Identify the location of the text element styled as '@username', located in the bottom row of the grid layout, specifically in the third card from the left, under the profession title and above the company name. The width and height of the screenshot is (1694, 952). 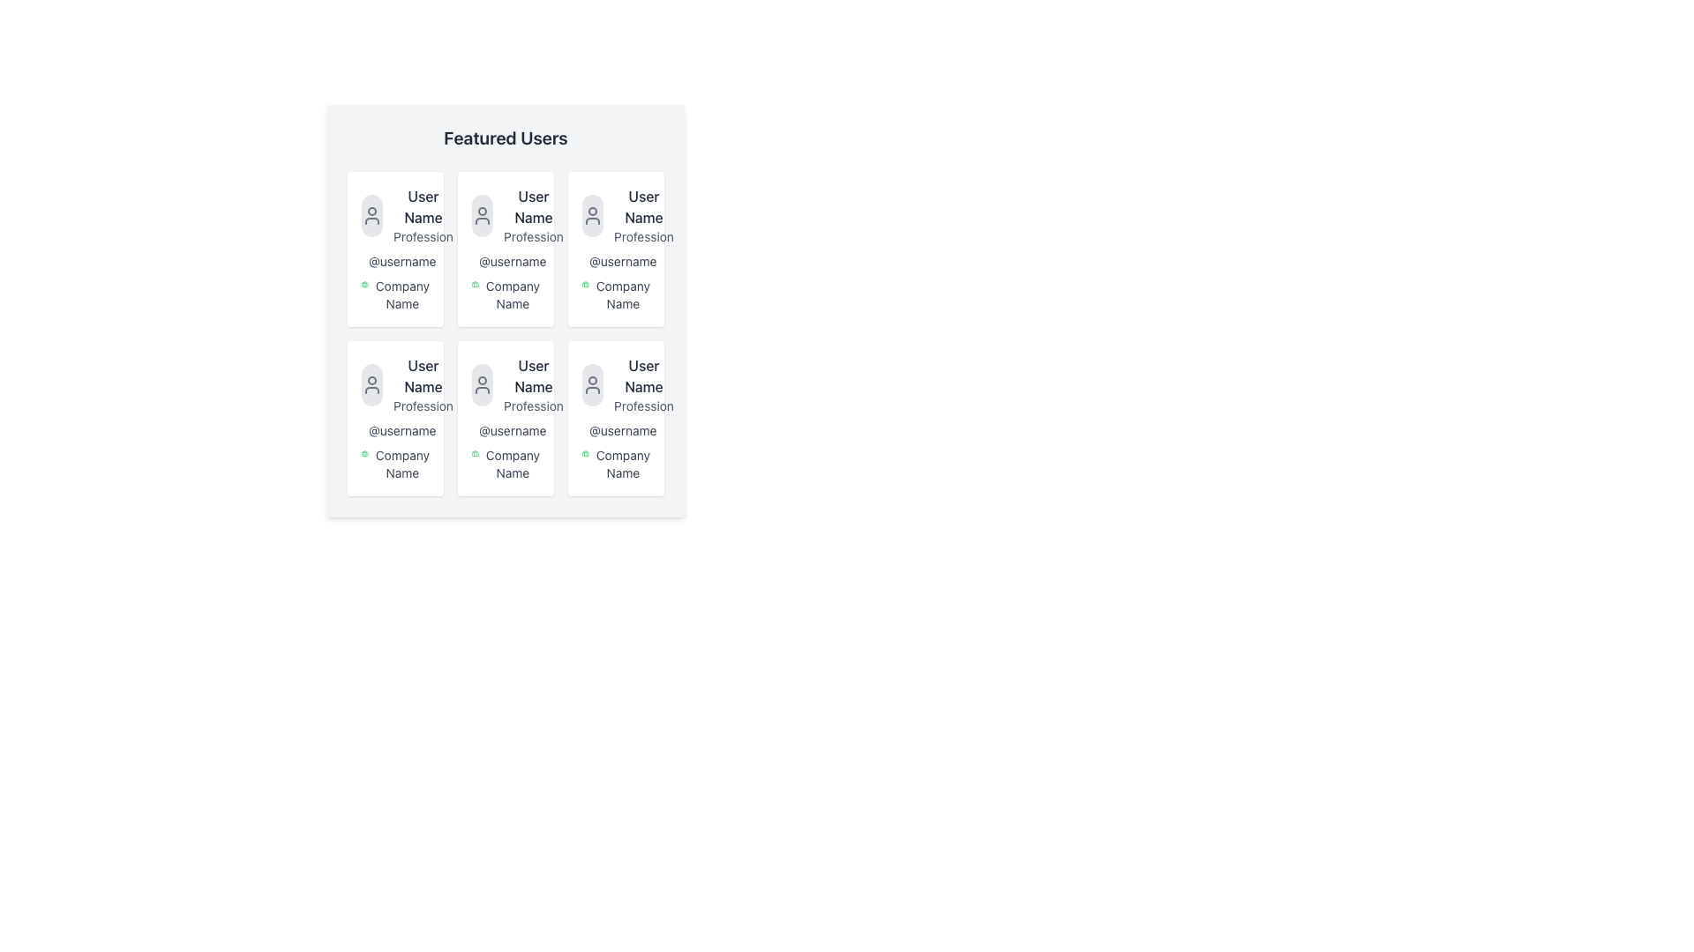
(623, 431).